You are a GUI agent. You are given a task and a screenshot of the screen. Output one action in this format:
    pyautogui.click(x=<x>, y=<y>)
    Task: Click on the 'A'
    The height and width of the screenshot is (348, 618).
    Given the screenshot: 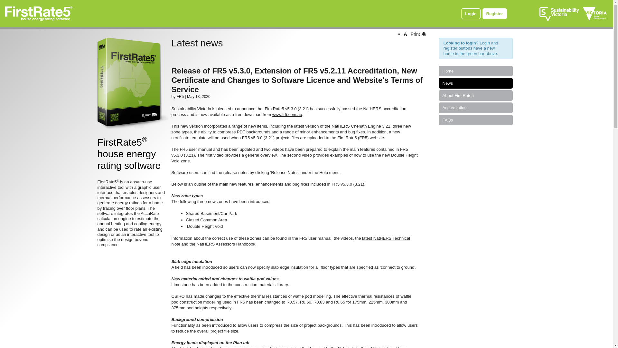 What is the action you would take?
    pyautogui.click(x=398, y=34)
    